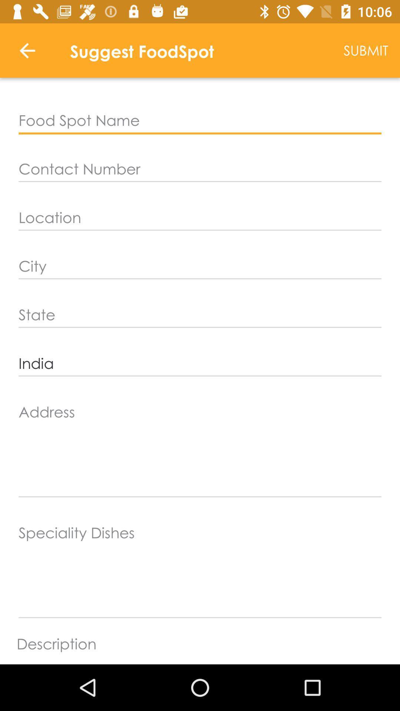  I want to click on icon at the top left corner, so click(27, 50).